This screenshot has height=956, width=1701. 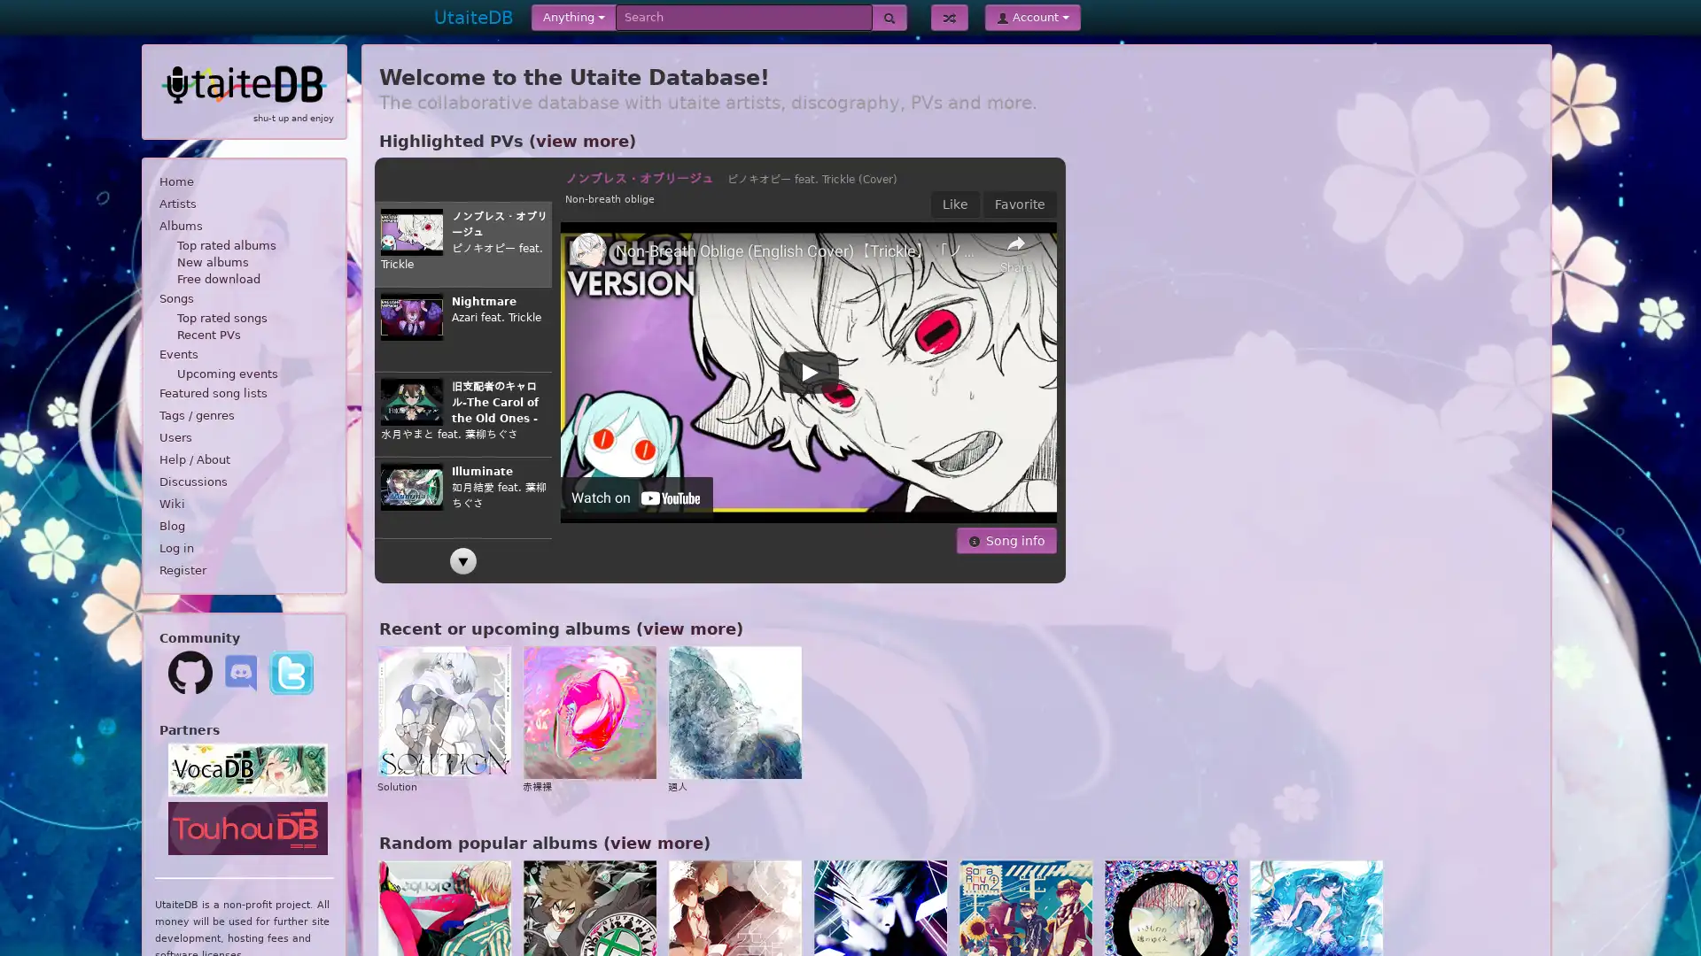 I want to click on Show random page, so click(x=948, y=17).